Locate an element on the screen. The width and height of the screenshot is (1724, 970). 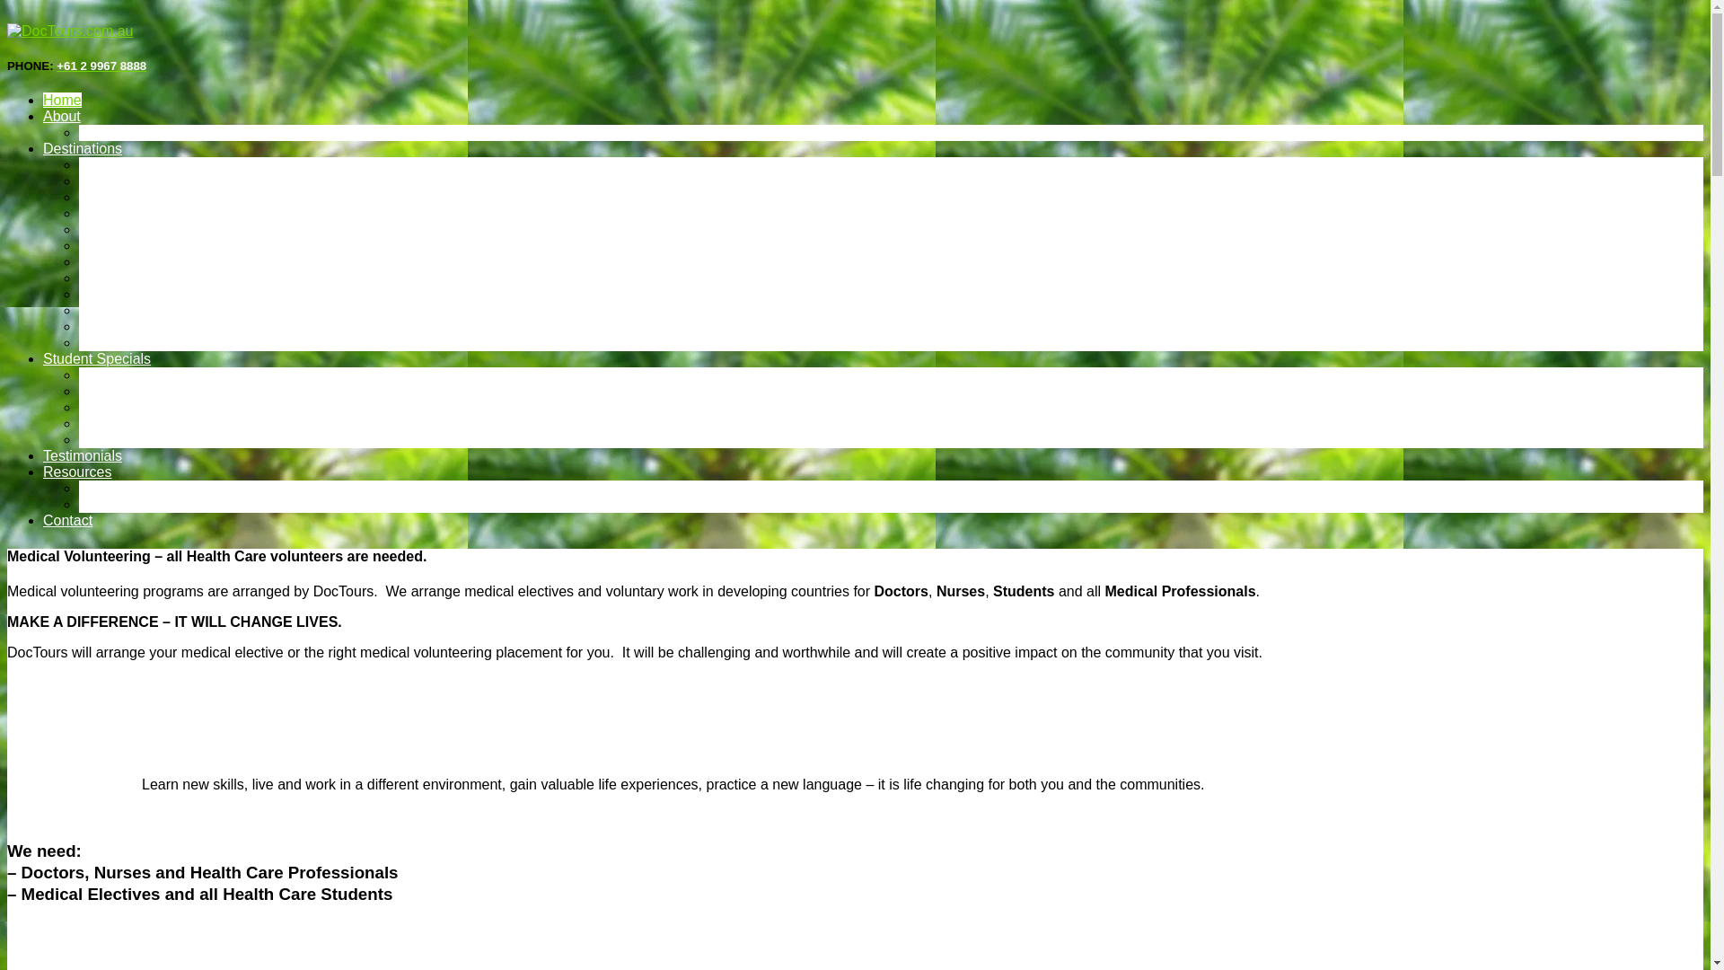
'Ecuador' is located at coordinates (77, 181).